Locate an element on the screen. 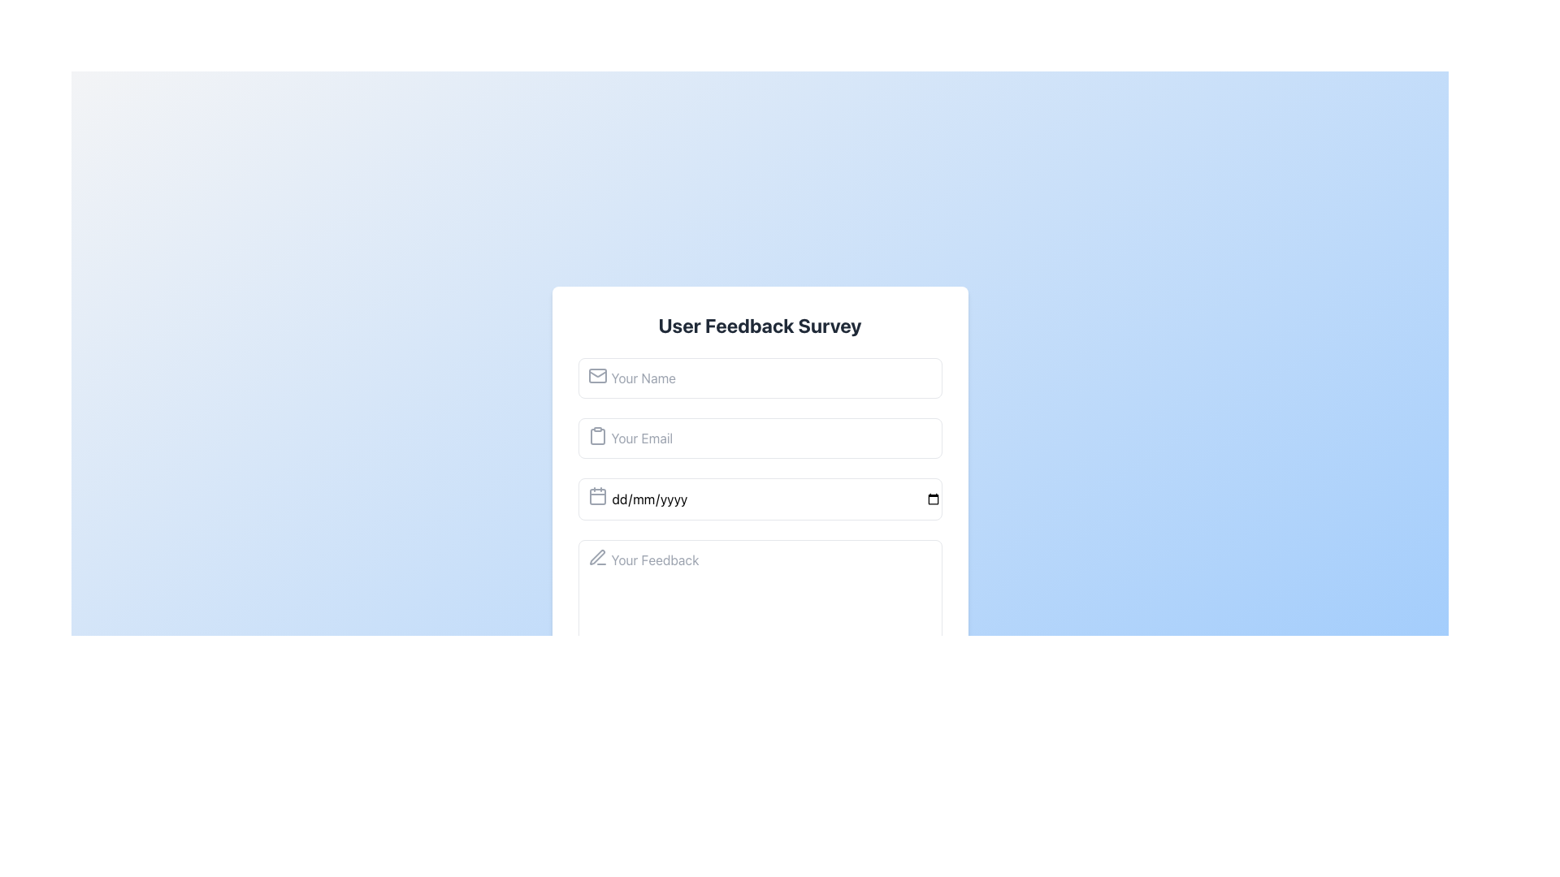  the mail icon located at the left end of the 'Your Name' text input field, which is styled with a modern, monochromatic design is located at coordinates (596, 375).